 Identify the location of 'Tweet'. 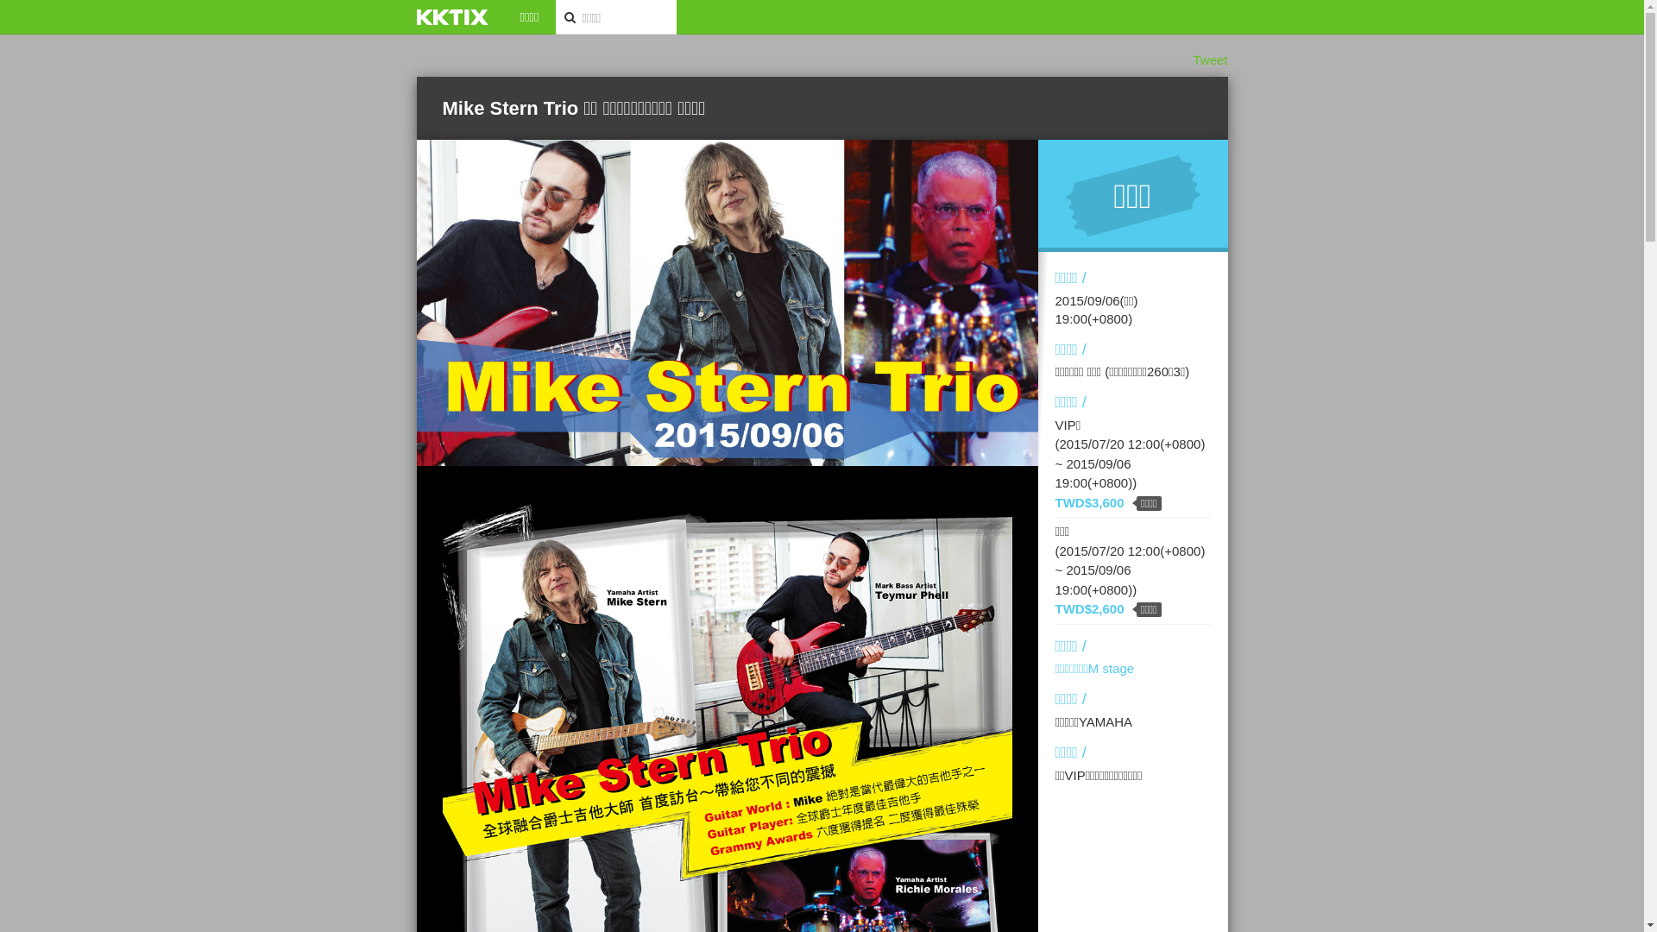
(1208, 59).